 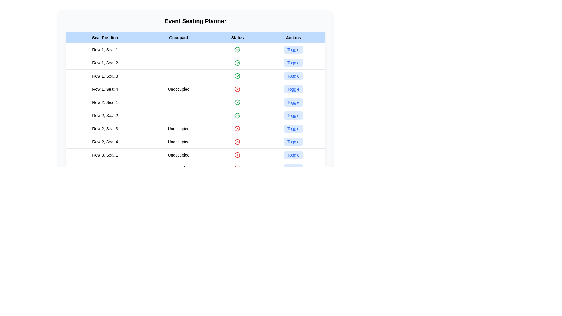 I want to click on the 'Toggle' button styled with a blue appearance located in the last row of the 'Actions' column in the table layout, so click(x=293, y=181).